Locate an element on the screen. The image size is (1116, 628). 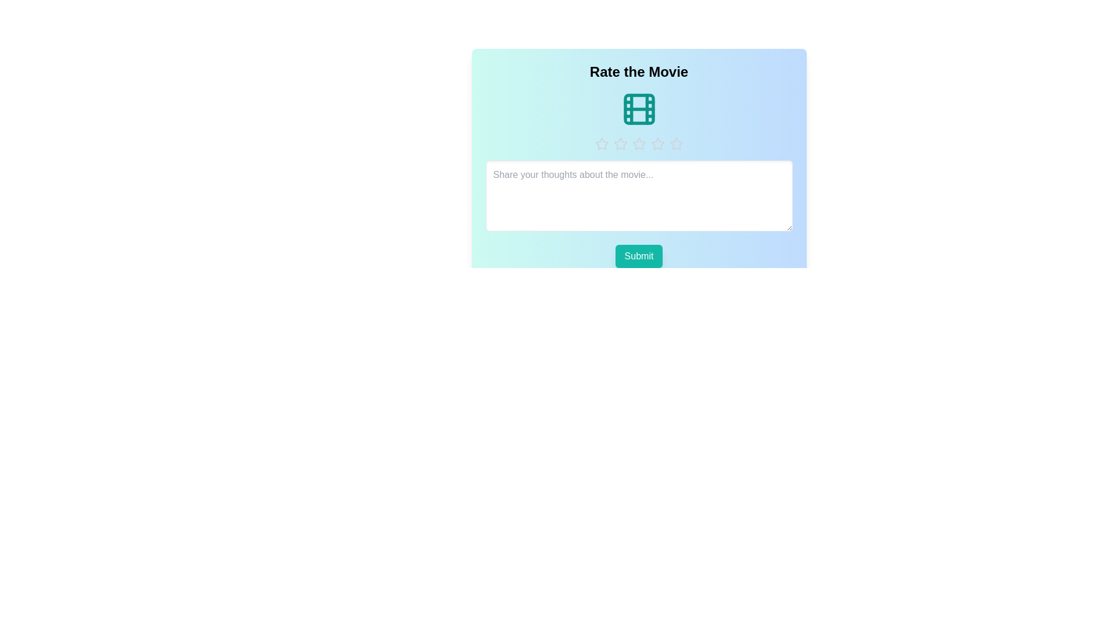
submit button to submit the rating and review is located at coordinates (638, 255).